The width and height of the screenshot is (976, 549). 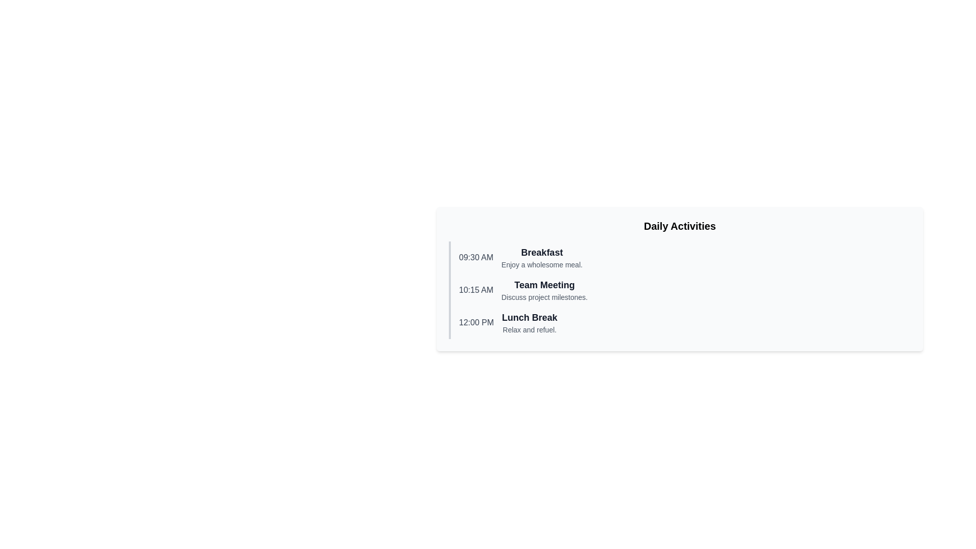 I want to click on the label that describes the scheduled lunch break positioned below the 'Team Meeting' entry at 12:00 PM, so click(x=529, y=323).